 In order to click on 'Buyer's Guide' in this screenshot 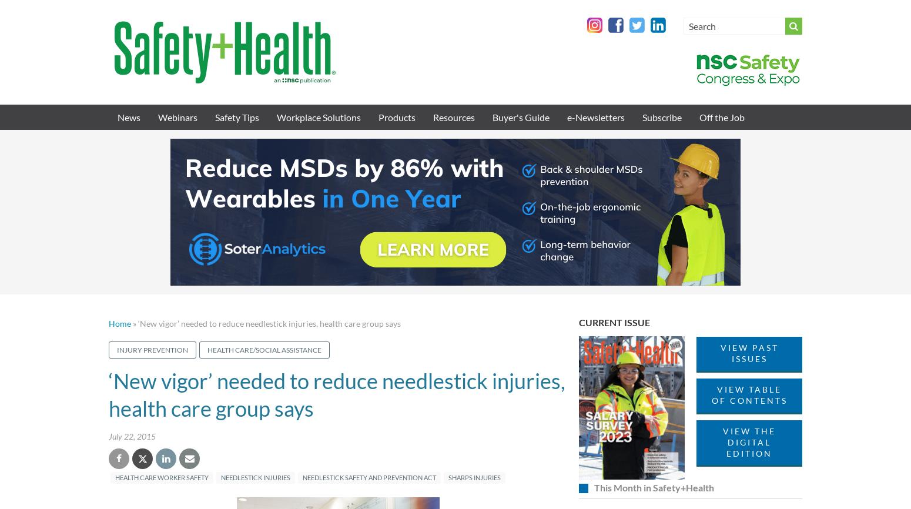, I will do `click(521, 117)`.